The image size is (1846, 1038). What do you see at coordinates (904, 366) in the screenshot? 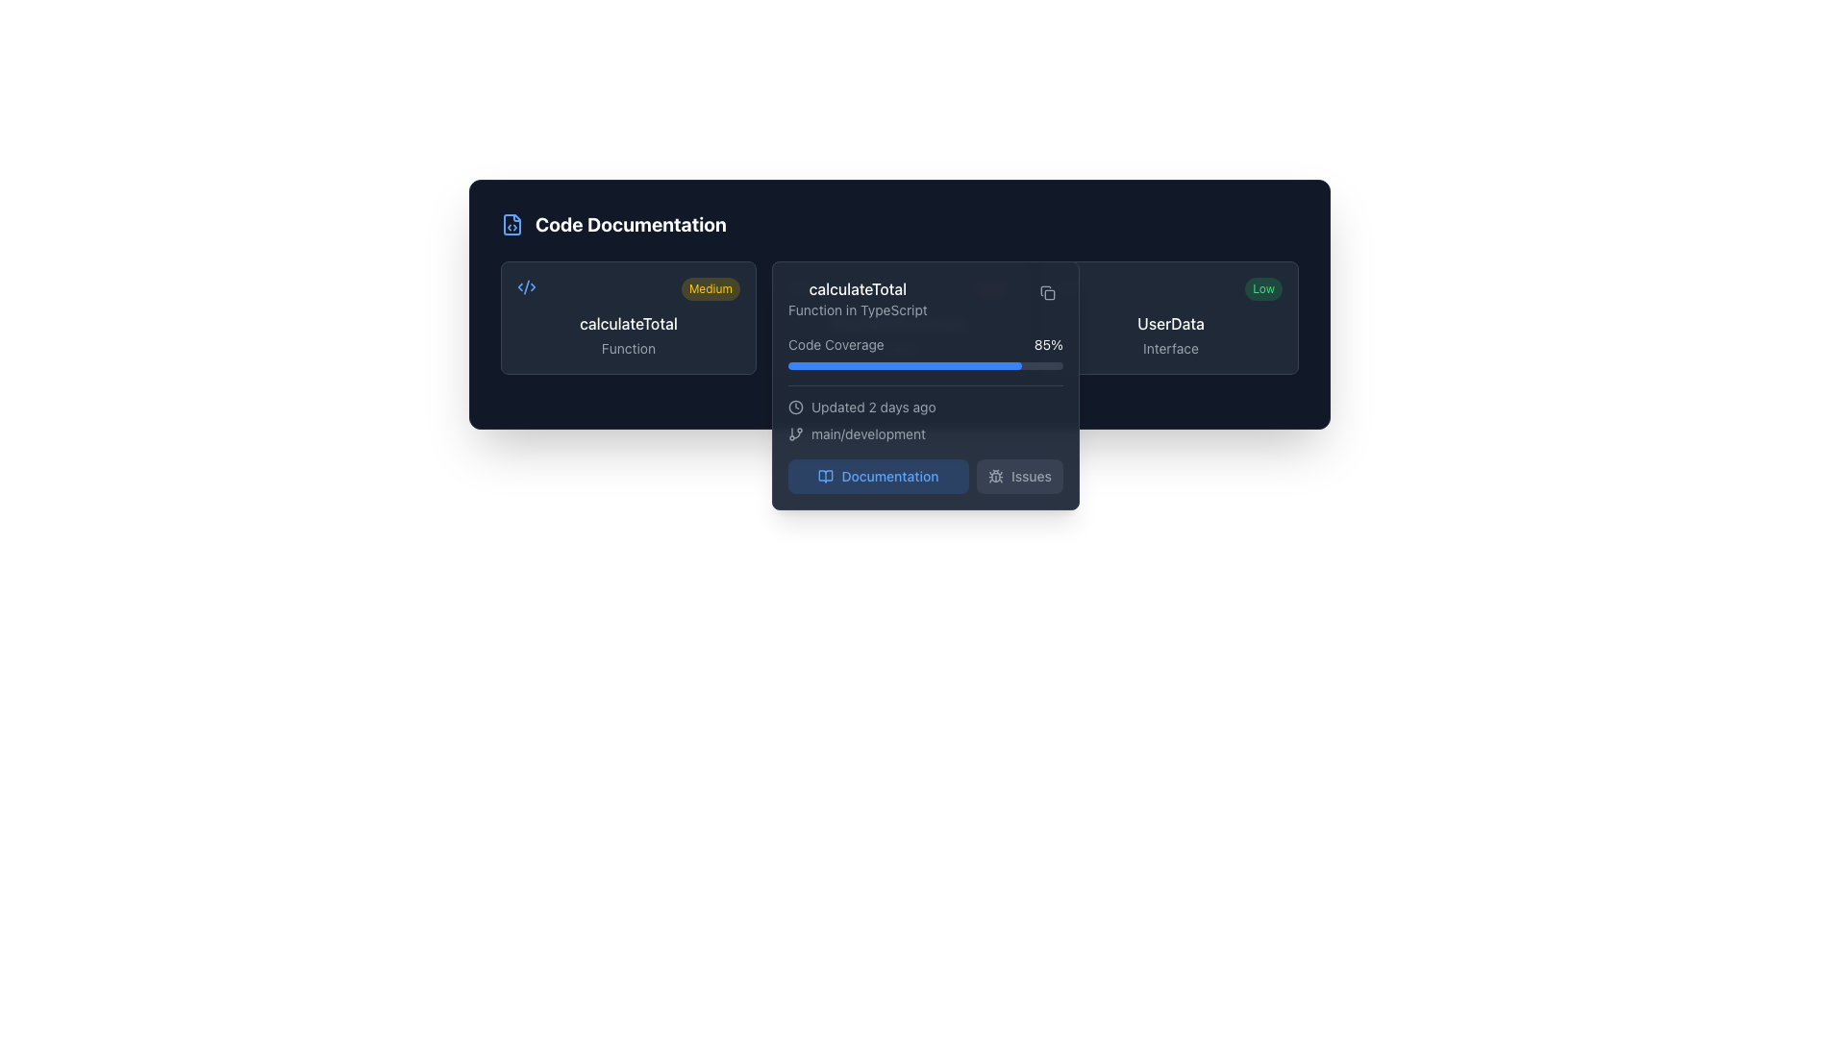
I see `the blue progress indicator bar that spans 85% of the width of the gray background, centered vertically within it` at bounding box center [904, 366].